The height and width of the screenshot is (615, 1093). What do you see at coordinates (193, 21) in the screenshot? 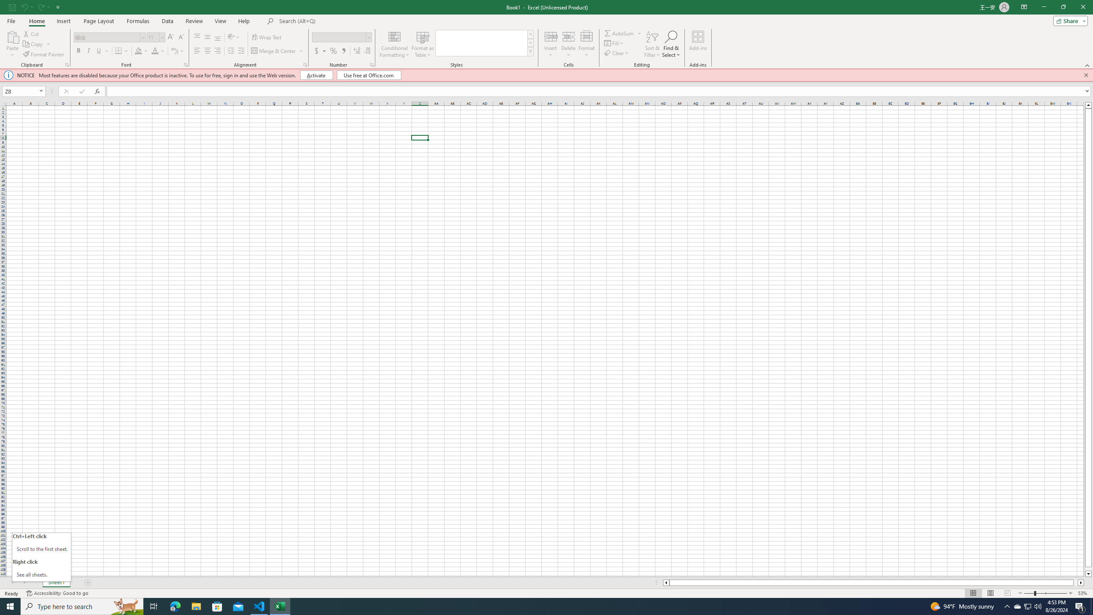
I see `'Review'` at bounding box center [193, 21].